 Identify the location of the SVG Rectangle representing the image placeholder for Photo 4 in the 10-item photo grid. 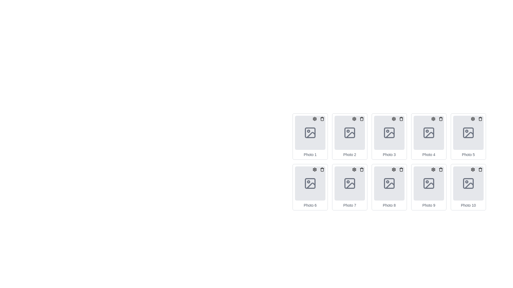
(429, 132).